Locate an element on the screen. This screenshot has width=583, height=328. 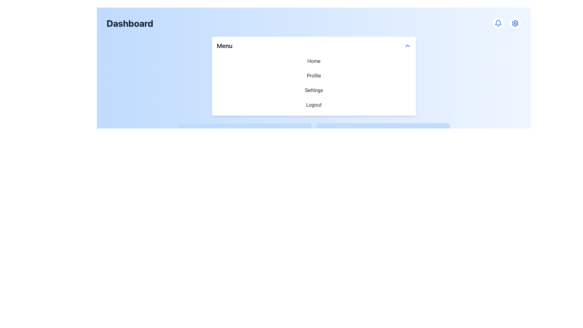
the 'Profile' text button, which is styled with rounded corners and located in a vertical menu list between 'Home' and 'Settings' is located at coordinates (314, 75).